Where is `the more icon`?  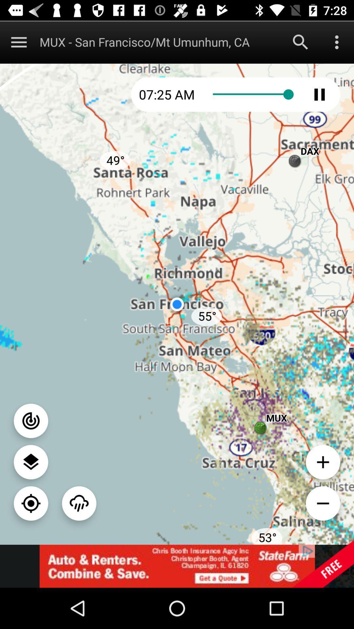
the more icon is located at coordinates (337, 42).